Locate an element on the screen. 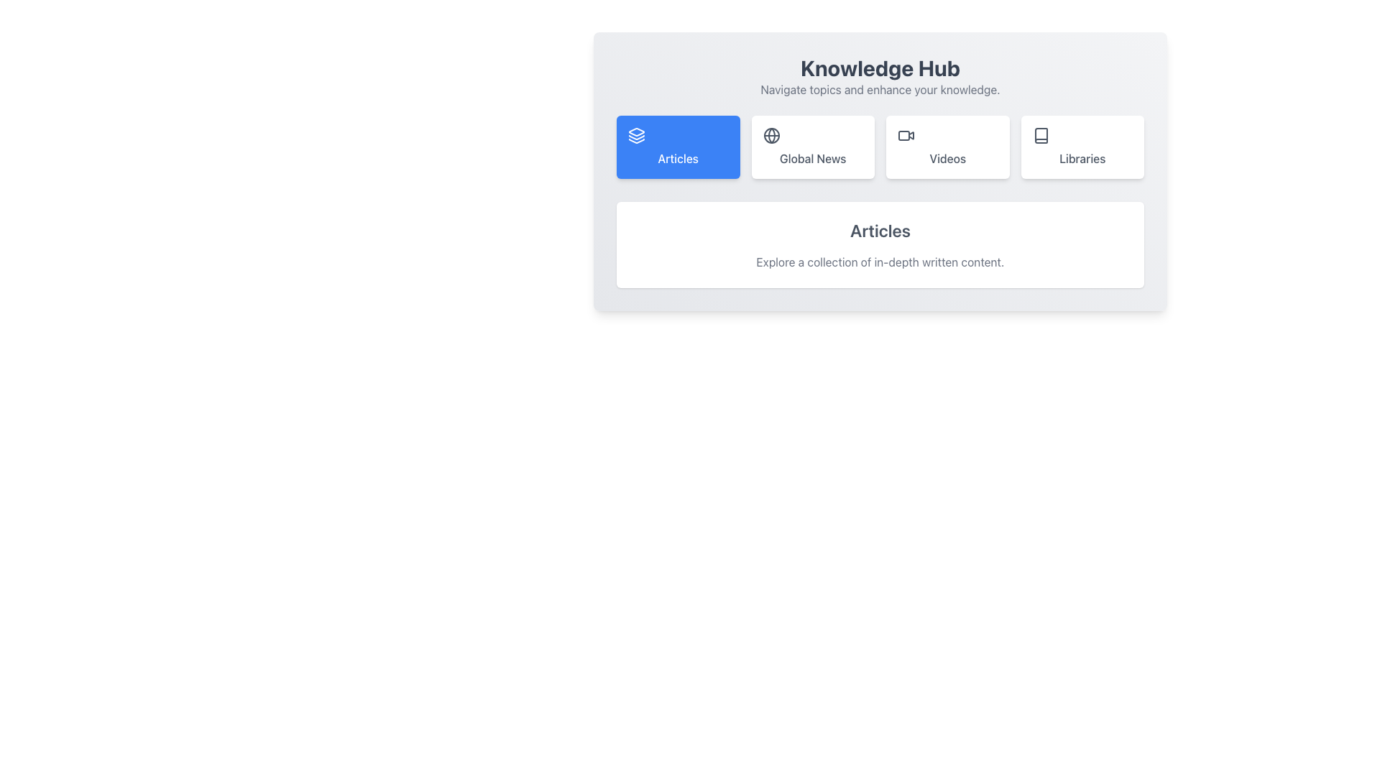  the group containing the Rectangle (SVG component) that represents the 'Videos' section icon in the navigation interface is located at coordinates (903, 136).